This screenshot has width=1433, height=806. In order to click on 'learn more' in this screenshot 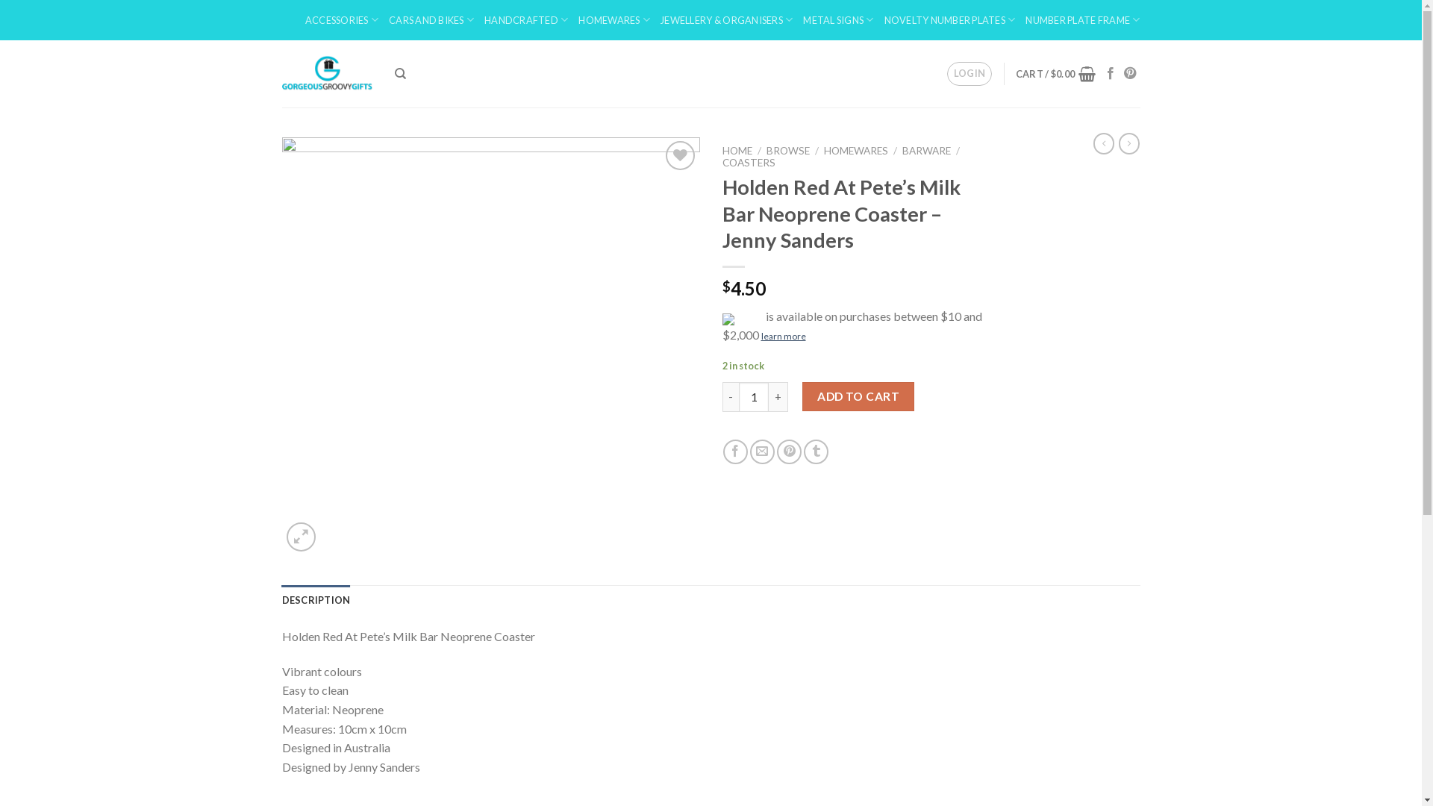, I will do `click(783, 336)`.